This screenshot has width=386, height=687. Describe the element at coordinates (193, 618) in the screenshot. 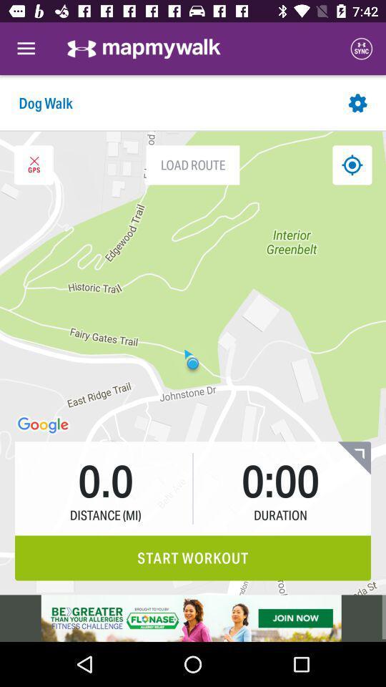

I see `details about advertisement` at that location.